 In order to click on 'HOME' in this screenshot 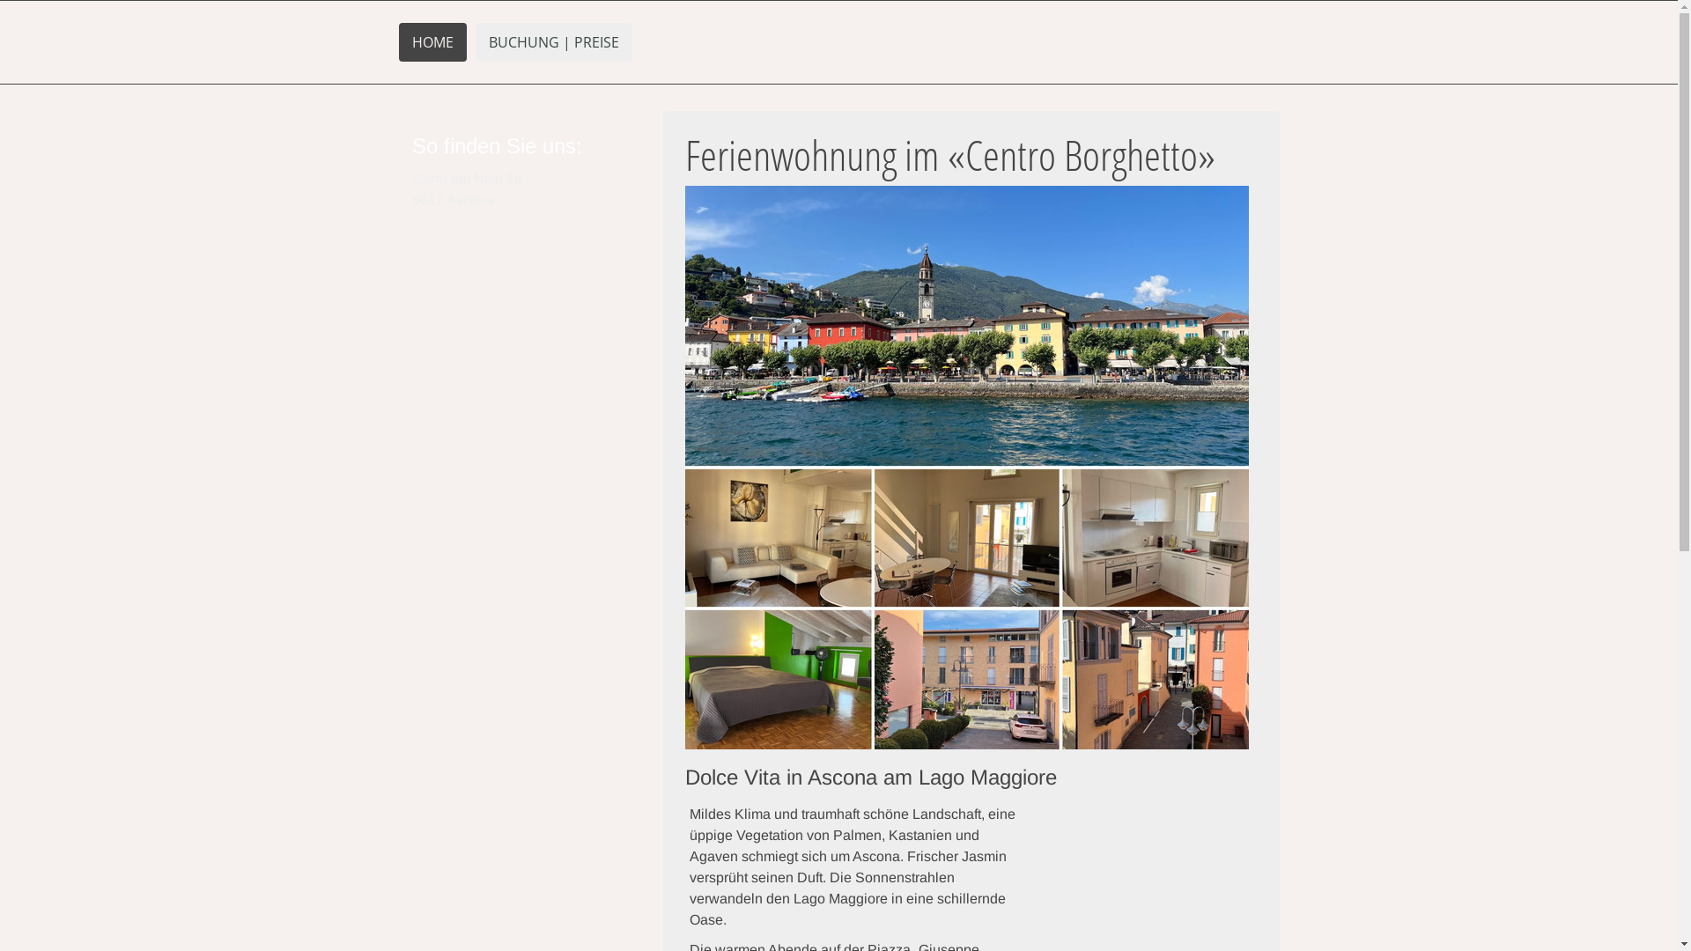, I will do `click(432, 41)`.